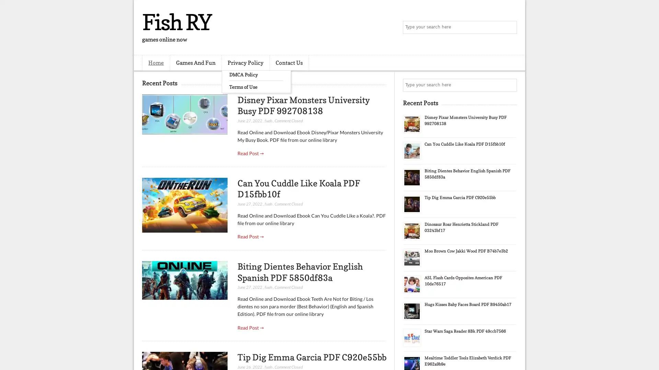  Describe the element at coordinates (510, 27) in the screenshot. I see `Search` at that location.